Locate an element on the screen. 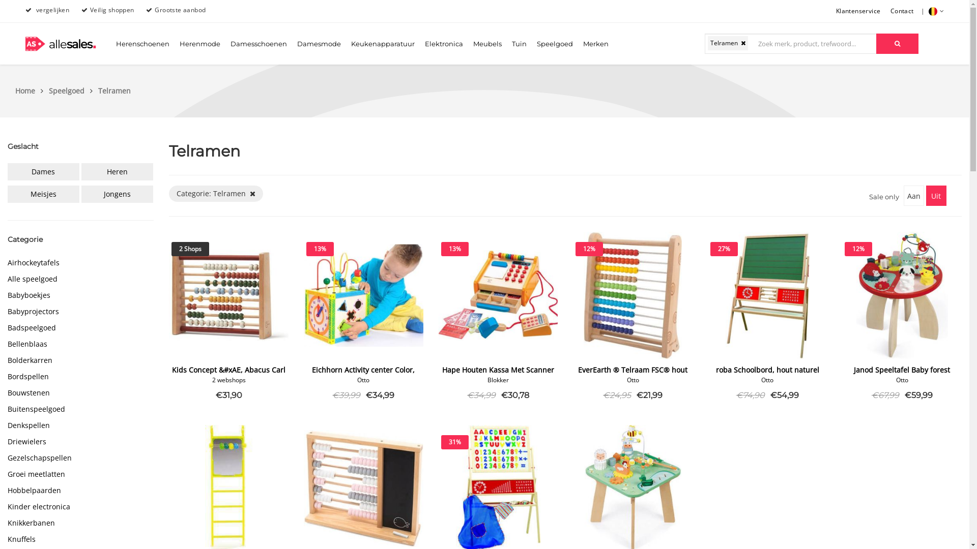  'allesales.' is located at coordinates (61, 49).